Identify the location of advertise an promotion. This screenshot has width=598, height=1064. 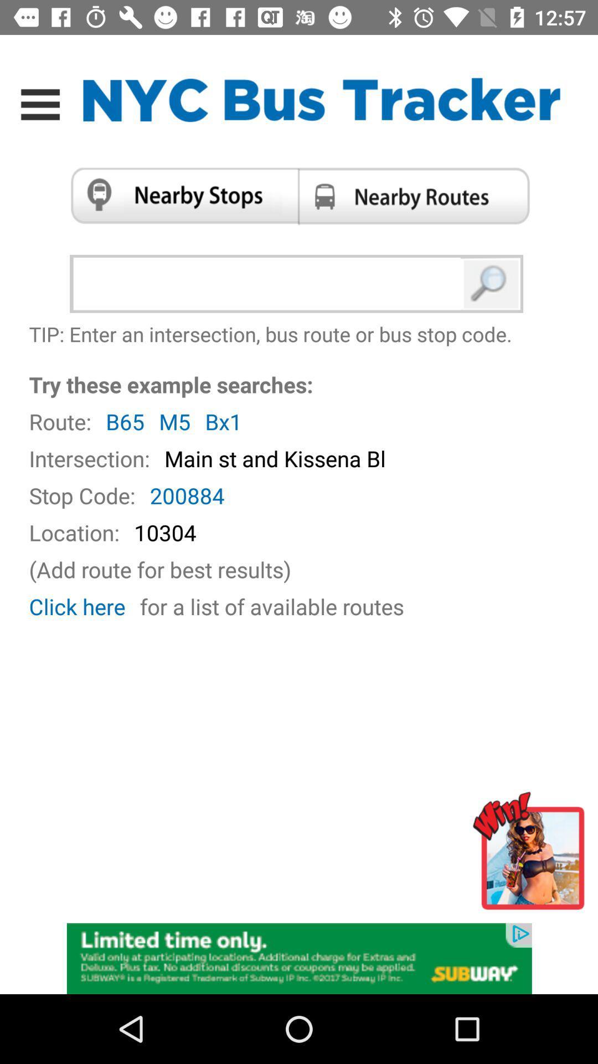
(299, 957).